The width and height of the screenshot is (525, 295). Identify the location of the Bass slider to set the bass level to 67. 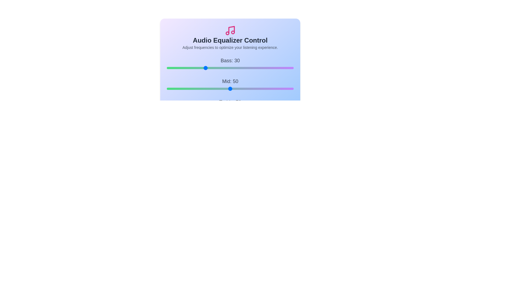
(251, 68).